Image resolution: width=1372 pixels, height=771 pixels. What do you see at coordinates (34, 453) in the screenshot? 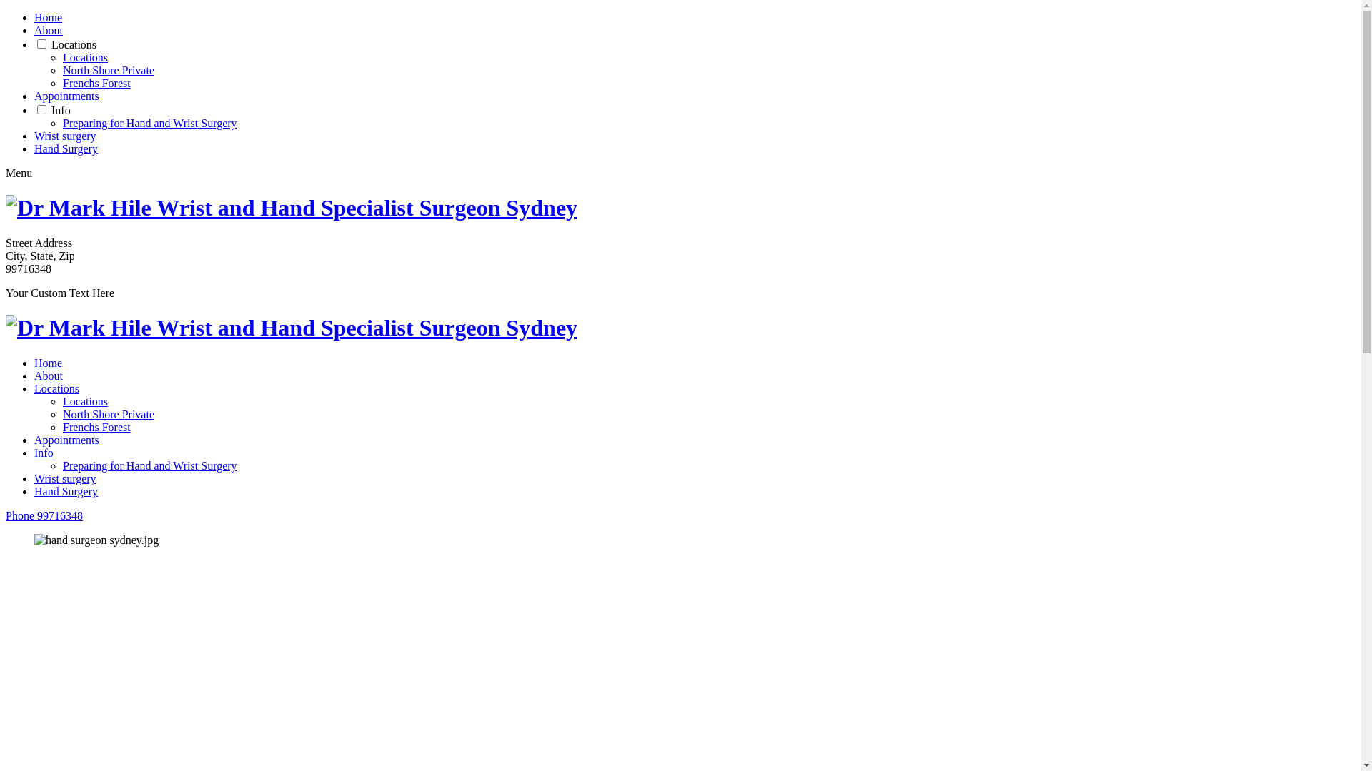
I see `'Info'` at bounding box center [34, 453].